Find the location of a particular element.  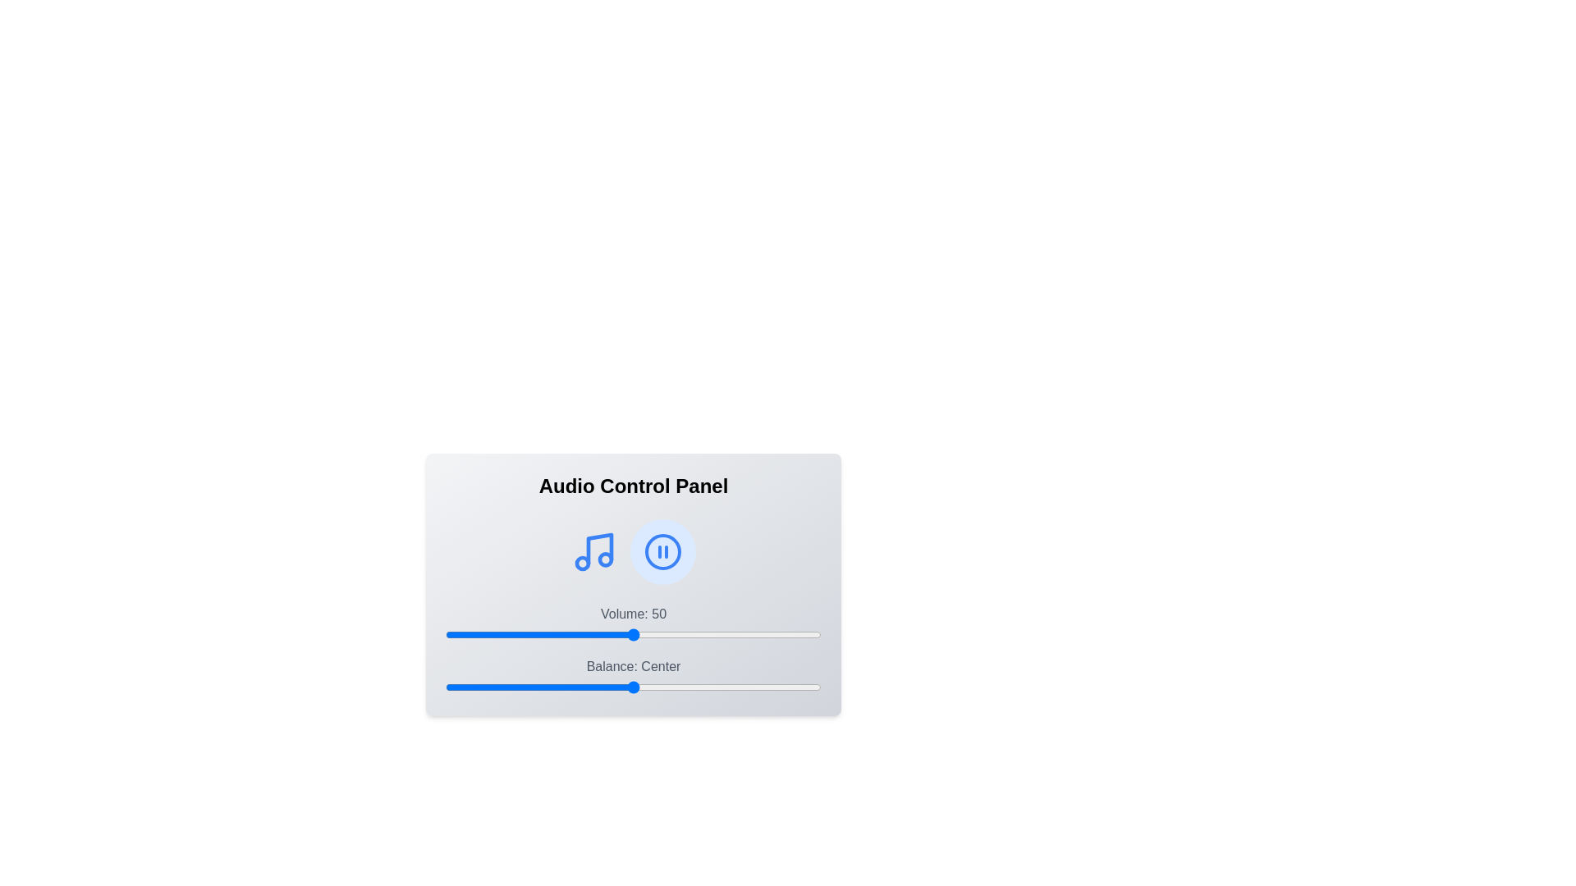

the balance is located at coordinates (471, 687).